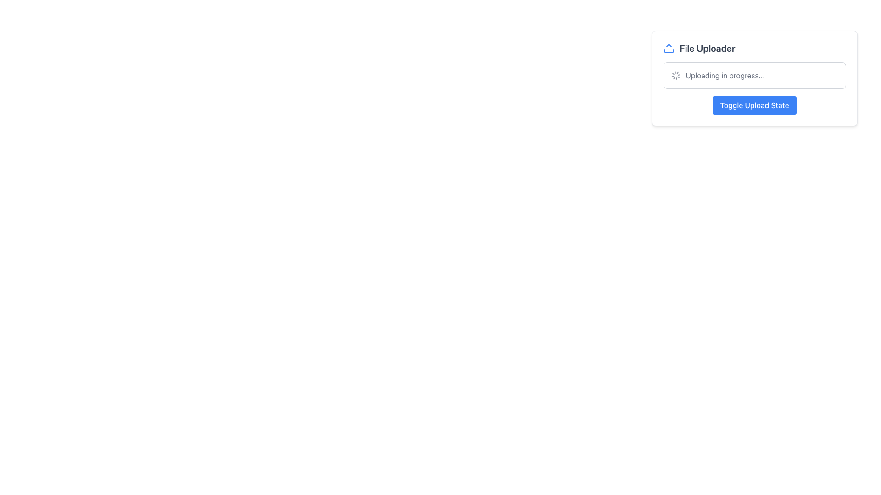 The height and width of the screenshot is (495, 881). What do you see at coordinates (754, 75) in the screenshot?
I see `the Status Indicator displaying 'Uploading in progress...' within the File Uploader interface` at bounding box center [754, 75].